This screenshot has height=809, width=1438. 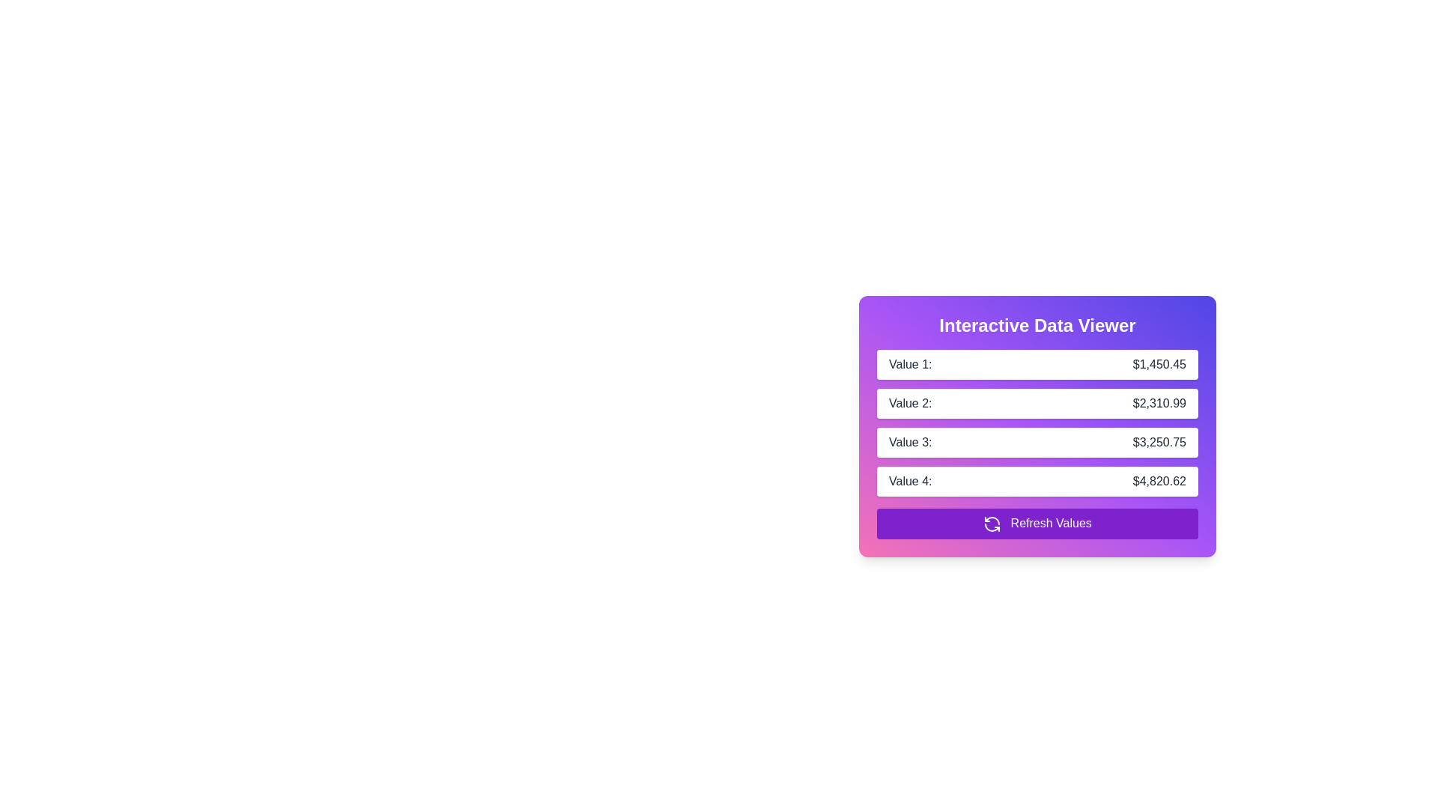 What do you see at coordinates (1037, 422) in the screenshot?
I see `displayed data from the centrally located list of value-label pairs in the 'Interactive Data Viewer'` at bounding box center [1037, 422].